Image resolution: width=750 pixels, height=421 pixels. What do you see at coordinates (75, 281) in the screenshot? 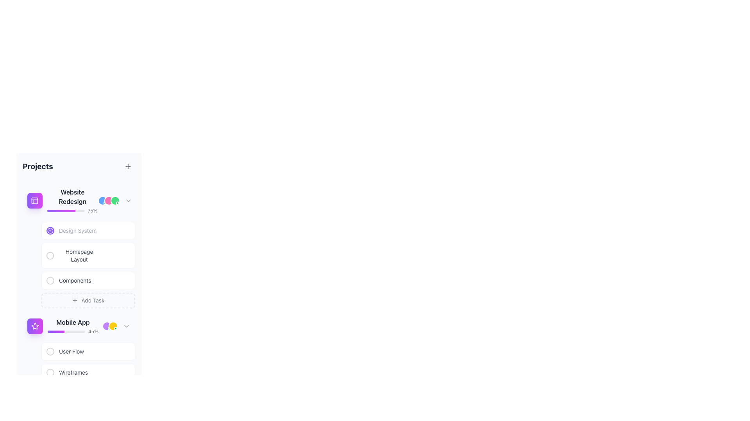
I see `the 'Components' text label, which is styled in a small gray font and is located to the right of a small circular icon within the 'Website Redesign' section` at bounding box center [75, 281].